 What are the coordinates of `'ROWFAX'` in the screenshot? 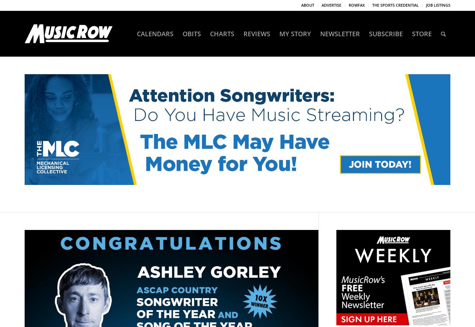 It's located at (356, 5).